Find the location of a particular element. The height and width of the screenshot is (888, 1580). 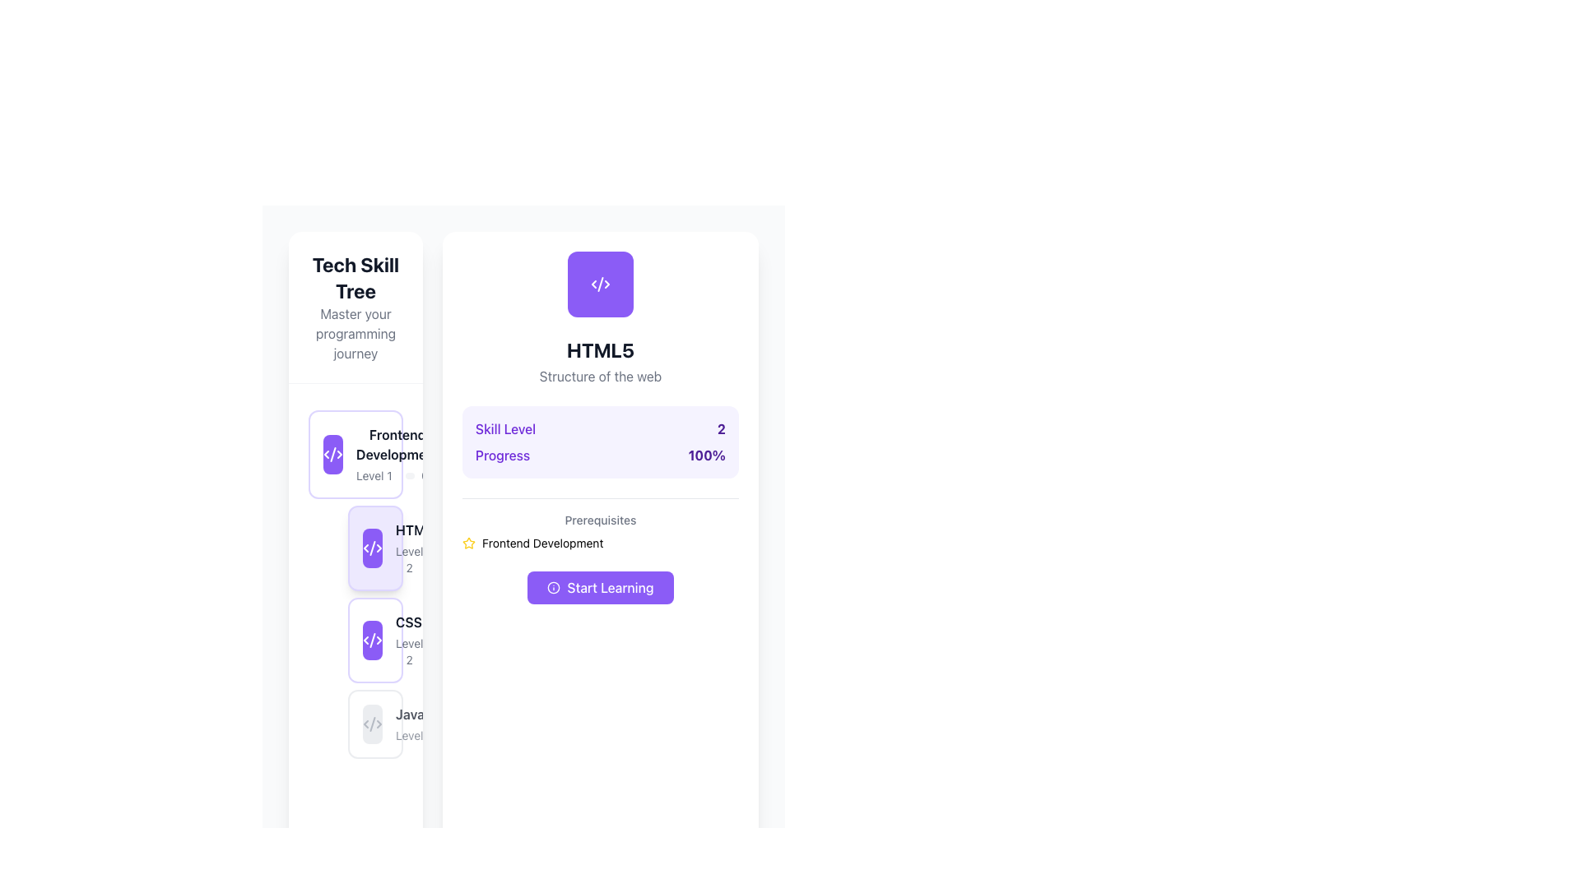

the central Icon component in a vertical list of programming-related icons, positioned between two arrow-like paths is located at coordinates (371, 640).